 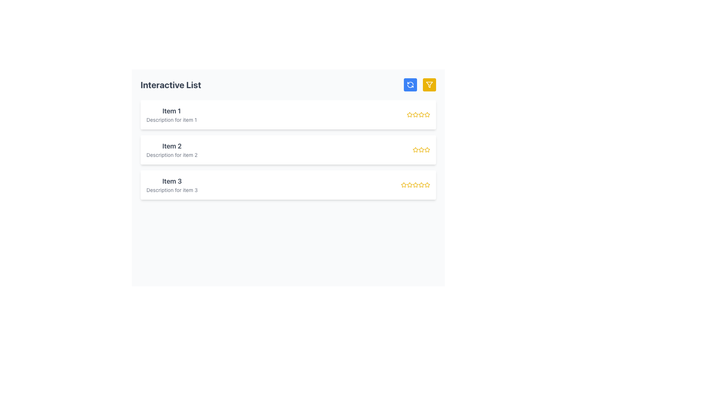 I want to click on the star icon that represents the fourth rating point in the rating scale, located to the right of Item 3, so click(x=415, y=184).